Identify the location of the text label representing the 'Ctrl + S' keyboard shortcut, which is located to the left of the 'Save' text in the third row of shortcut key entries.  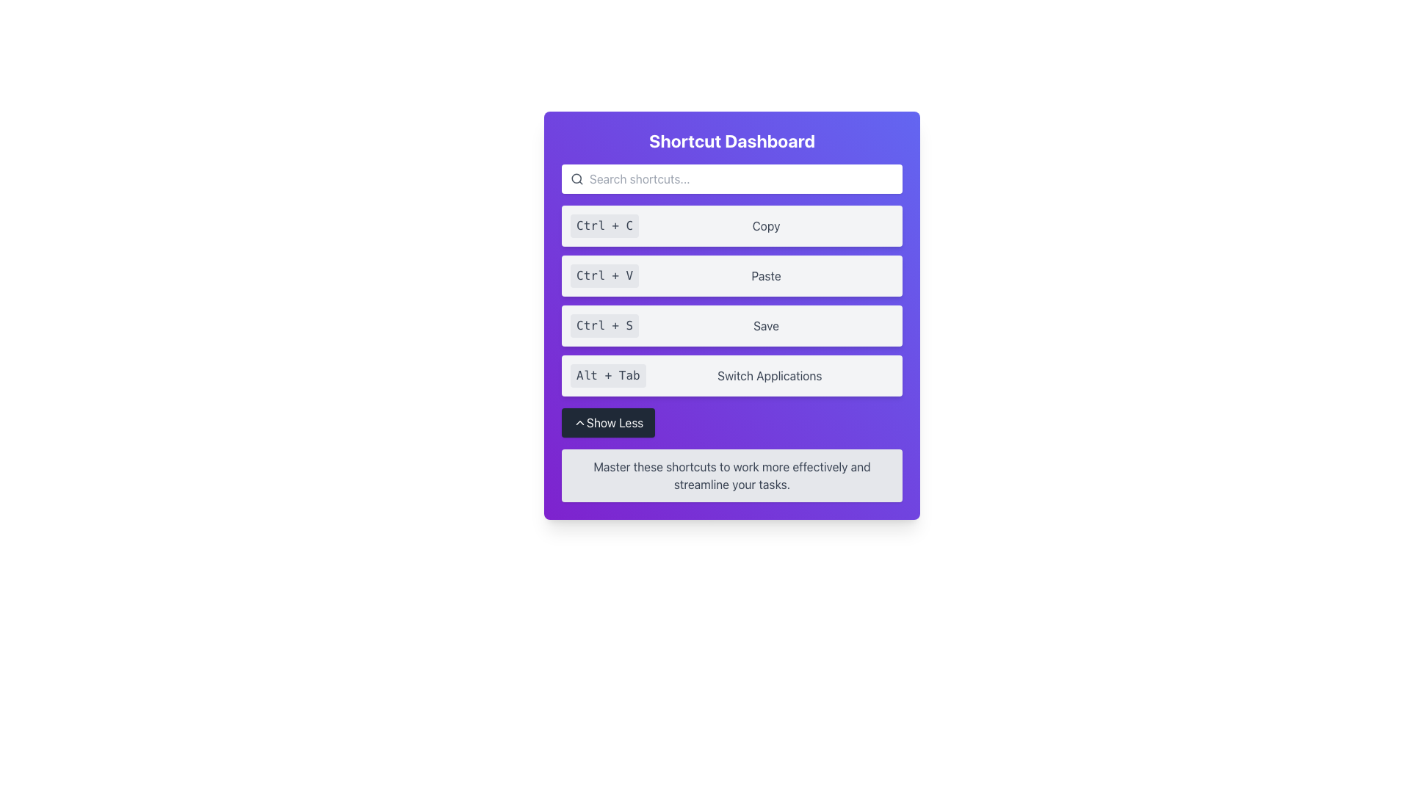
(604, 325).